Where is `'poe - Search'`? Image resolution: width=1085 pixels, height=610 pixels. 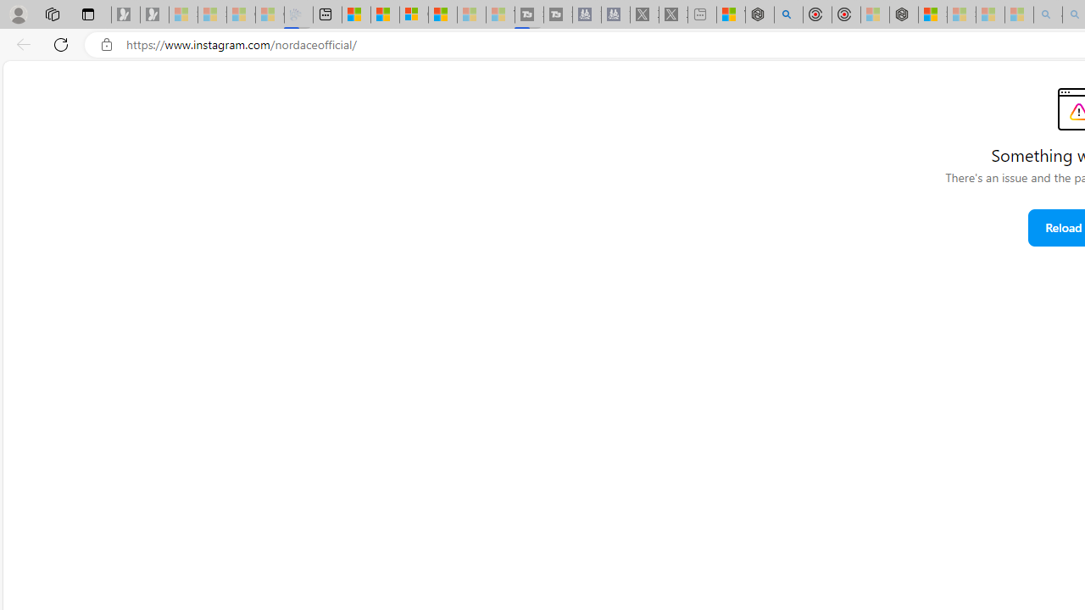 'poe - Search' is located at coordinates (787, 14).